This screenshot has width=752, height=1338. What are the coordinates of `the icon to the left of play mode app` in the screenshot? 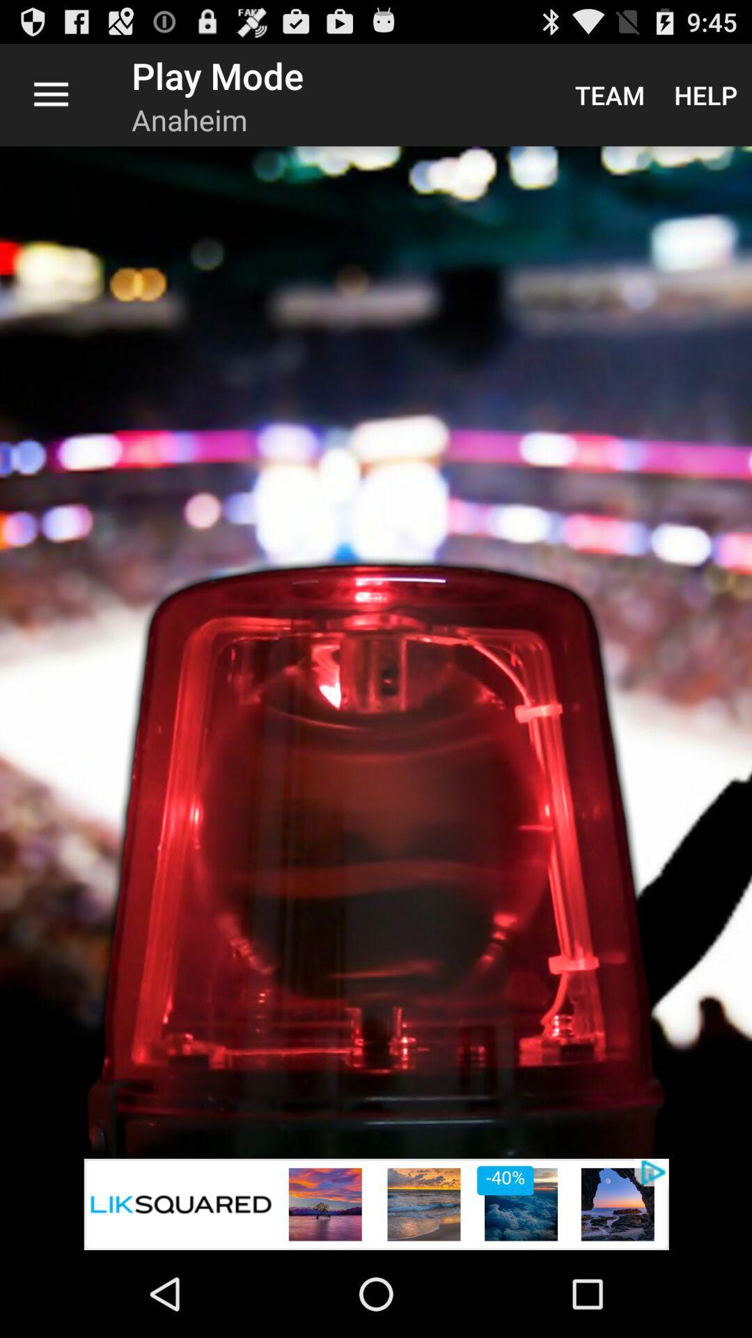 It's located at (50, 94).